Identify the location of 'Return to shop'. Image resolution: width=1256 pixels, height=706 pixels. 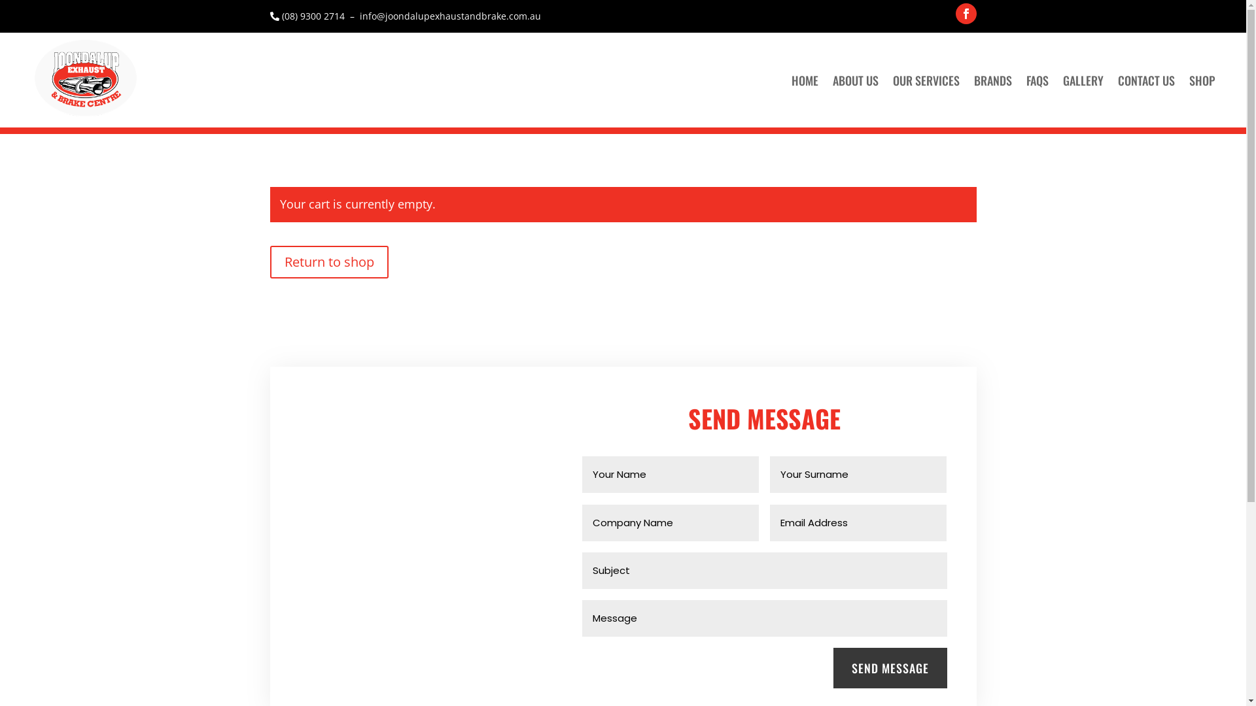
(328, 262).